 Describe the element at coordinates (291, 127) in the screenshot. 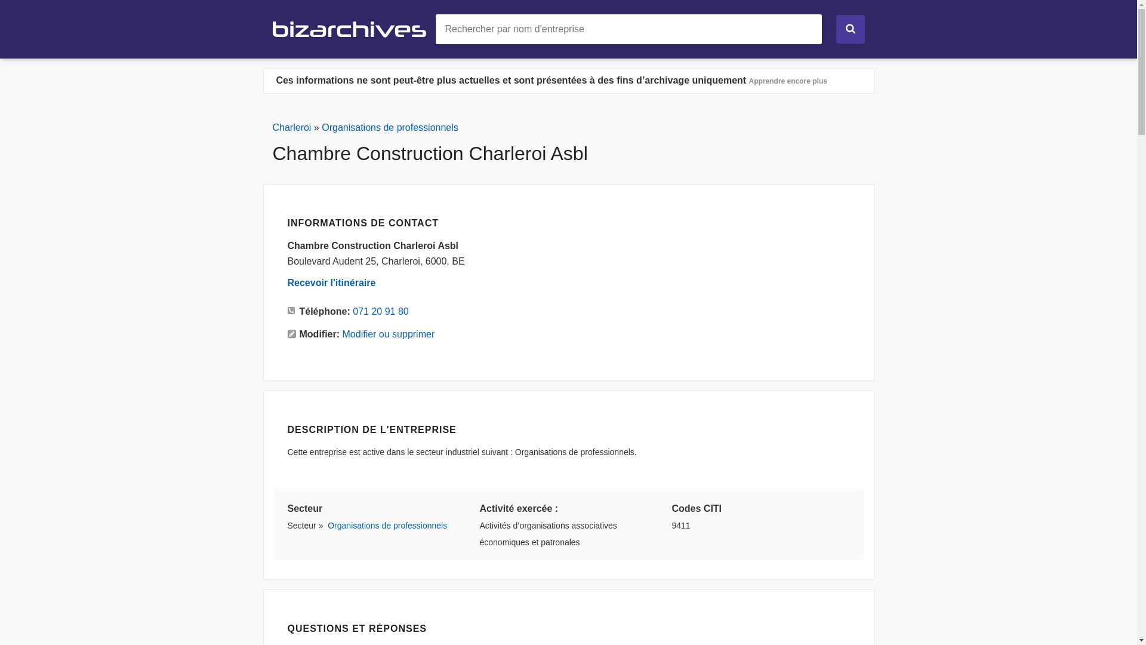

I see `'Charleroi'` at that location.